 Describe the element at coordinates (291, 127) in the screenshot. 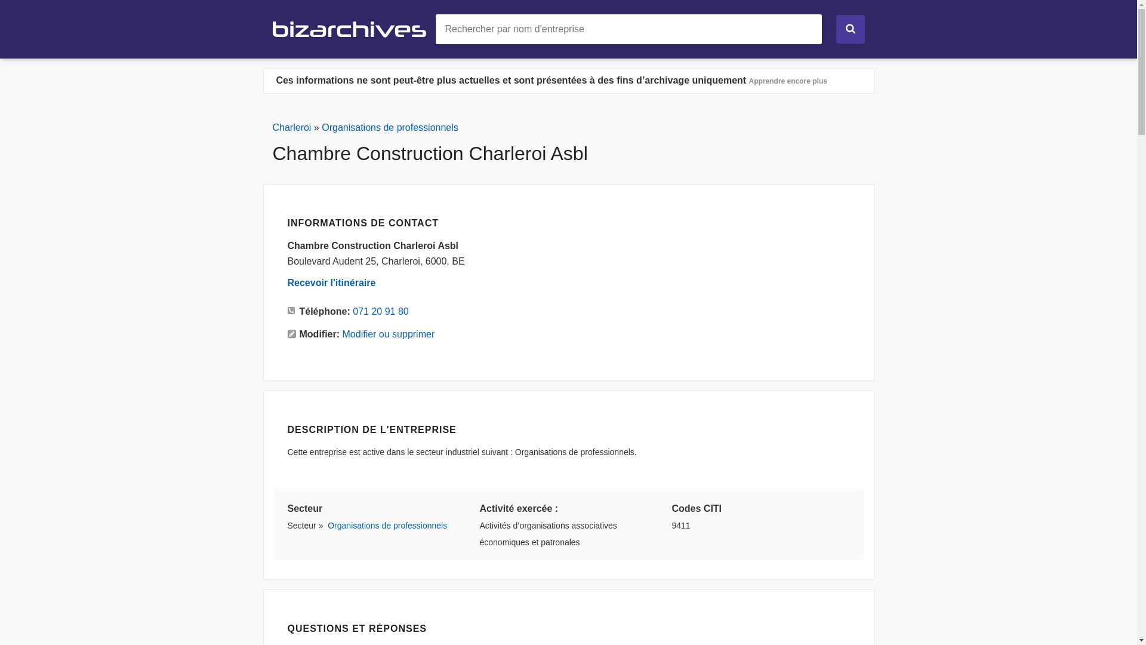

I see `'Charleroi'` at that location.